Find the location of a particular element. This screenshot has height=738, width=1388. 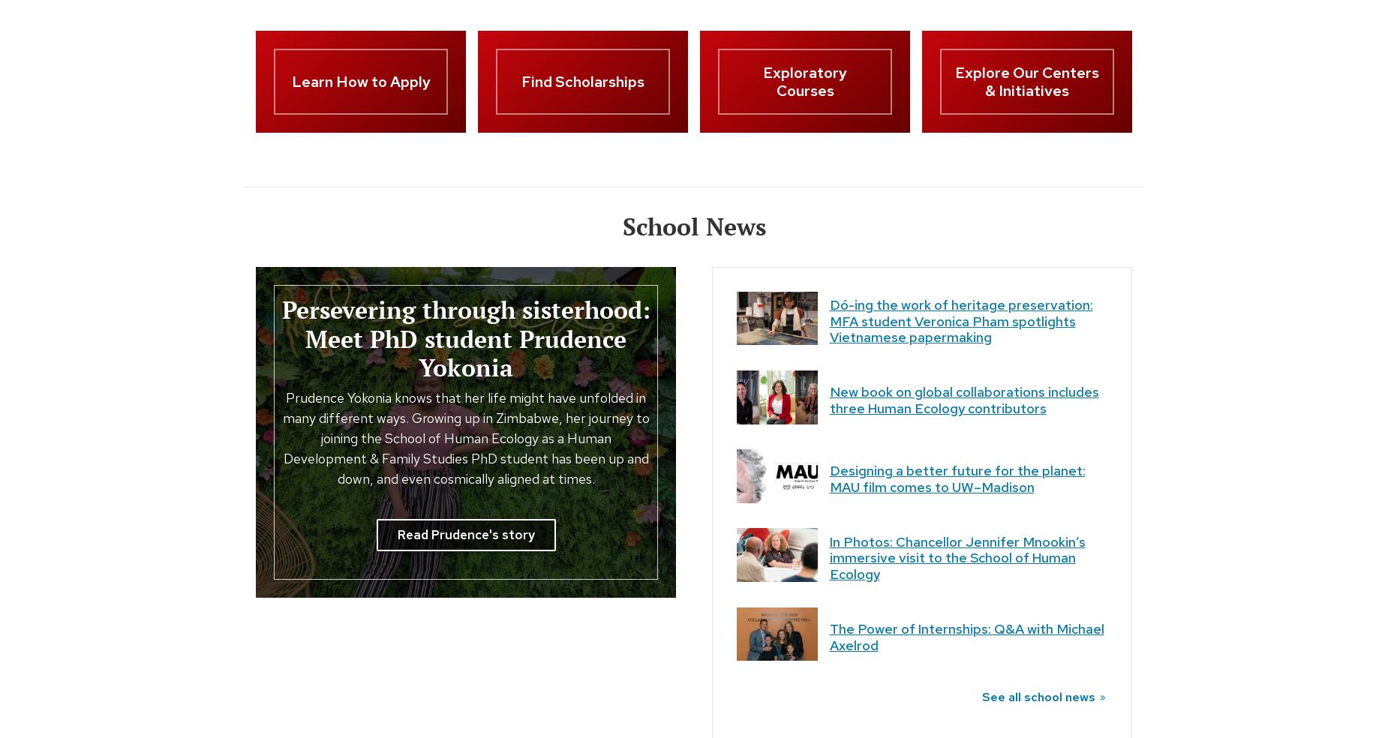

'Find Scholarships' is located at coordinates (583, 81).